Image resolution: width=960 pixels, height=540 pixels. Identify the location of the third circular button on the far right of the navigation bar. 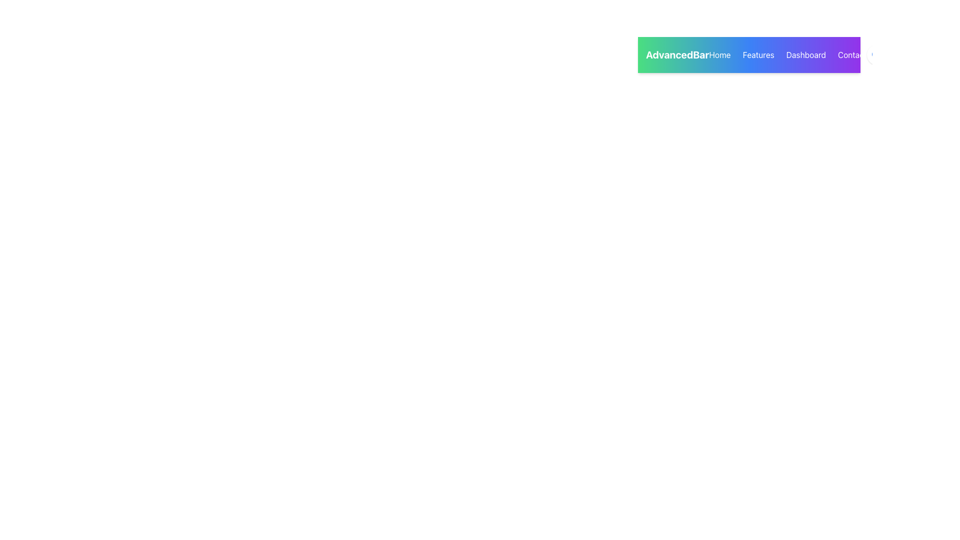
(932, 55).